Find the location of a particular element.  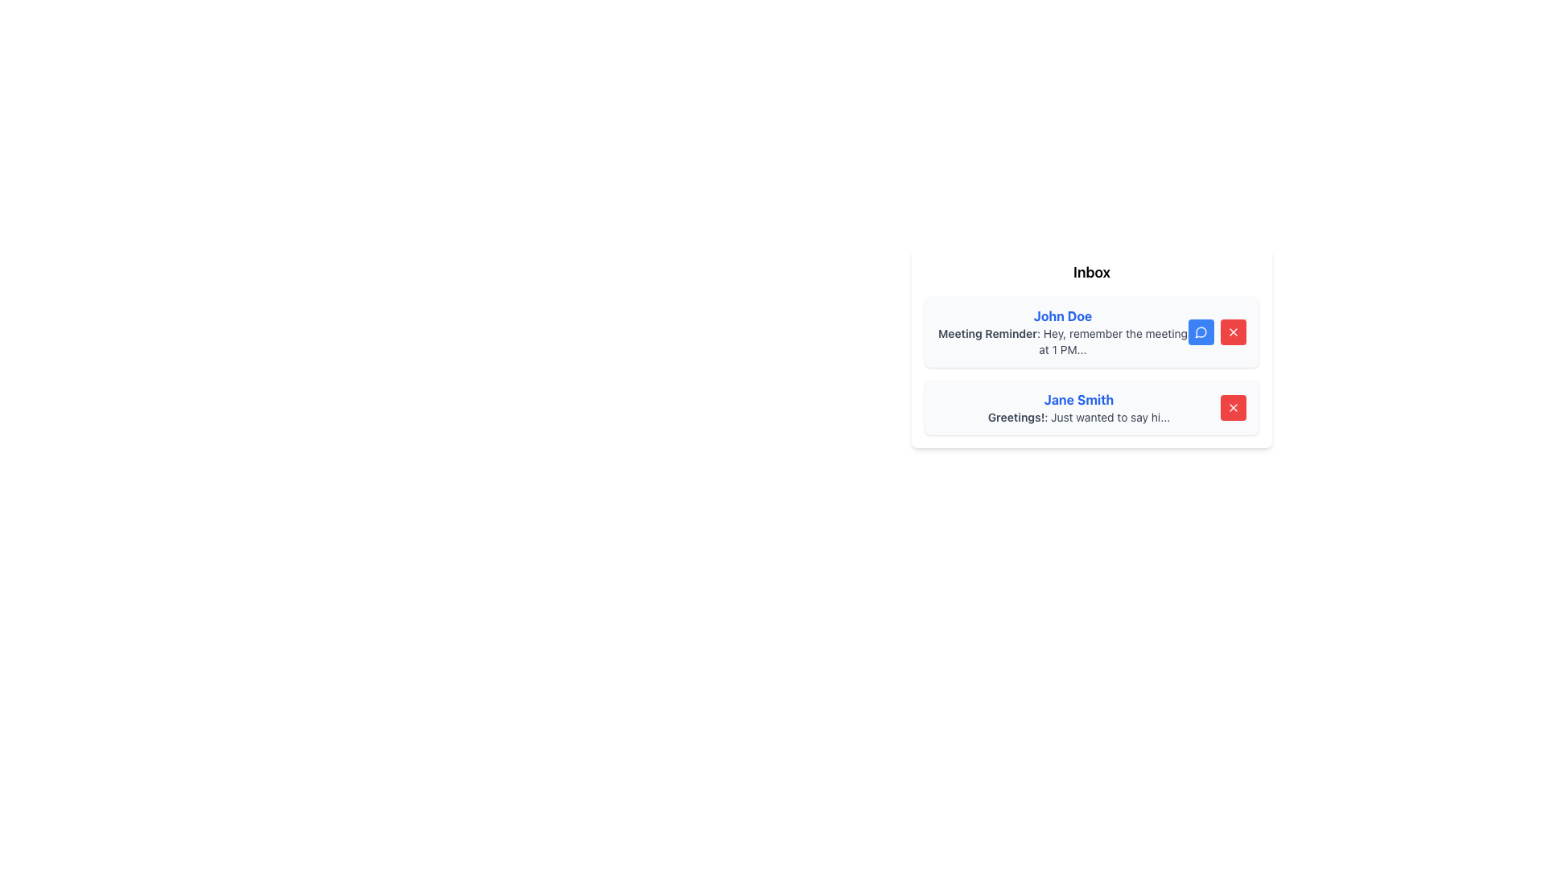

the text label element that contains the string 'Greetings!: Just wanted to say hi...' styled in a small gray font, located beneath the bolded name 'Jane Smith' within a card-like section of the inbox interface is located at coordinates (1078, 417).